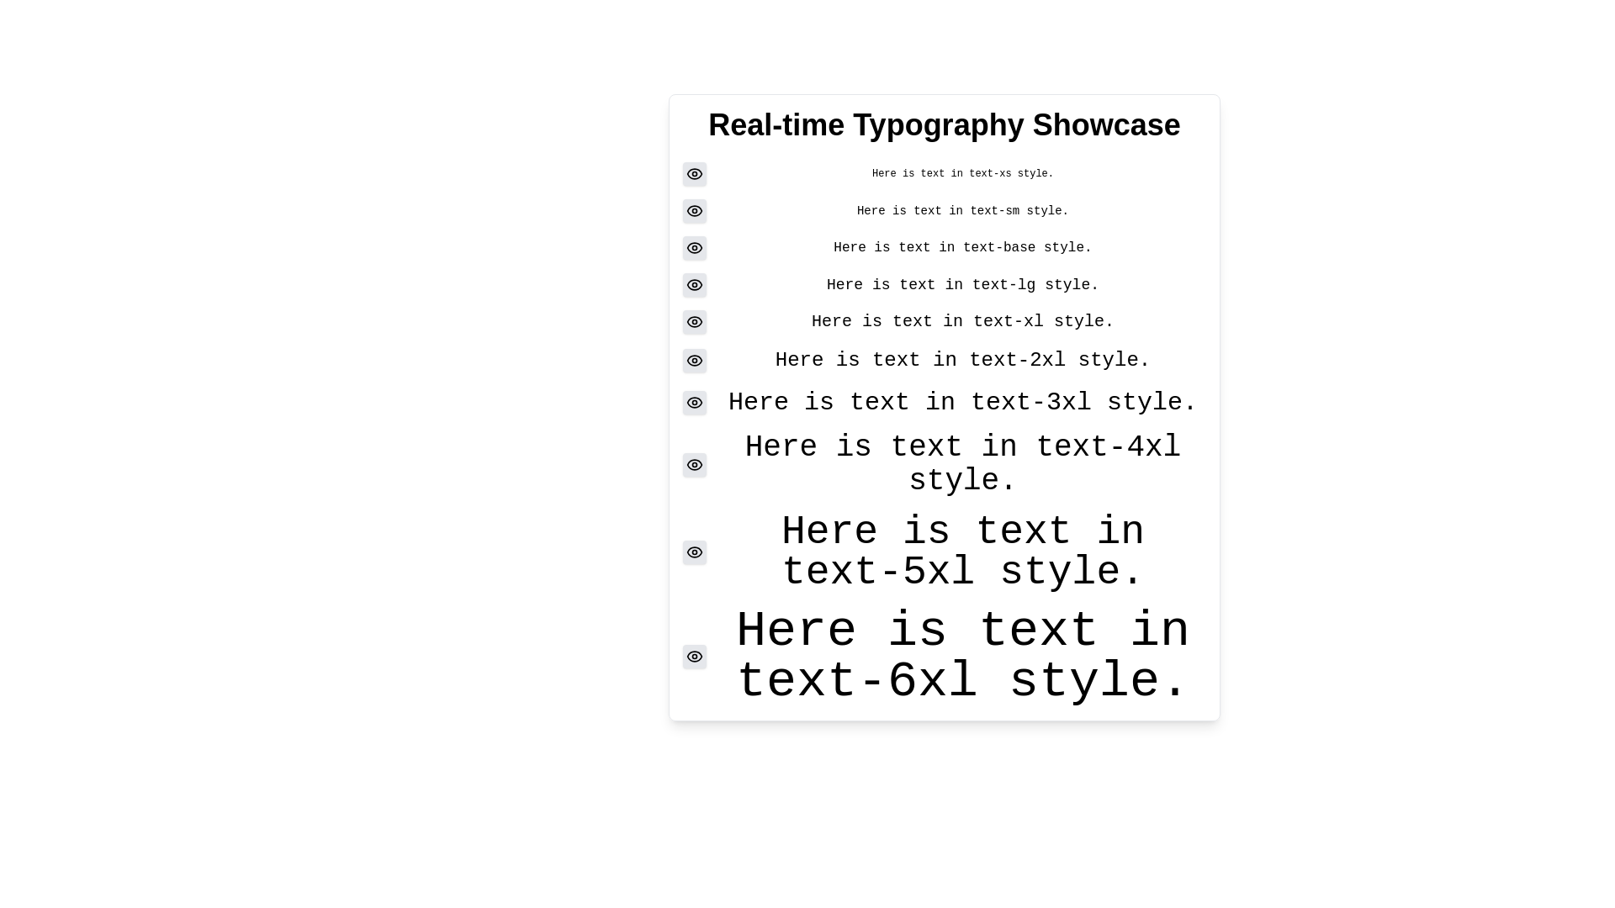 Image resolution: width=1615 pixels, height=908 pixels. I want to click on the Text display element labeled 'text-lg' to copy the text, which is the fourth element in a vertical list of typography samples, so click(963, 284).